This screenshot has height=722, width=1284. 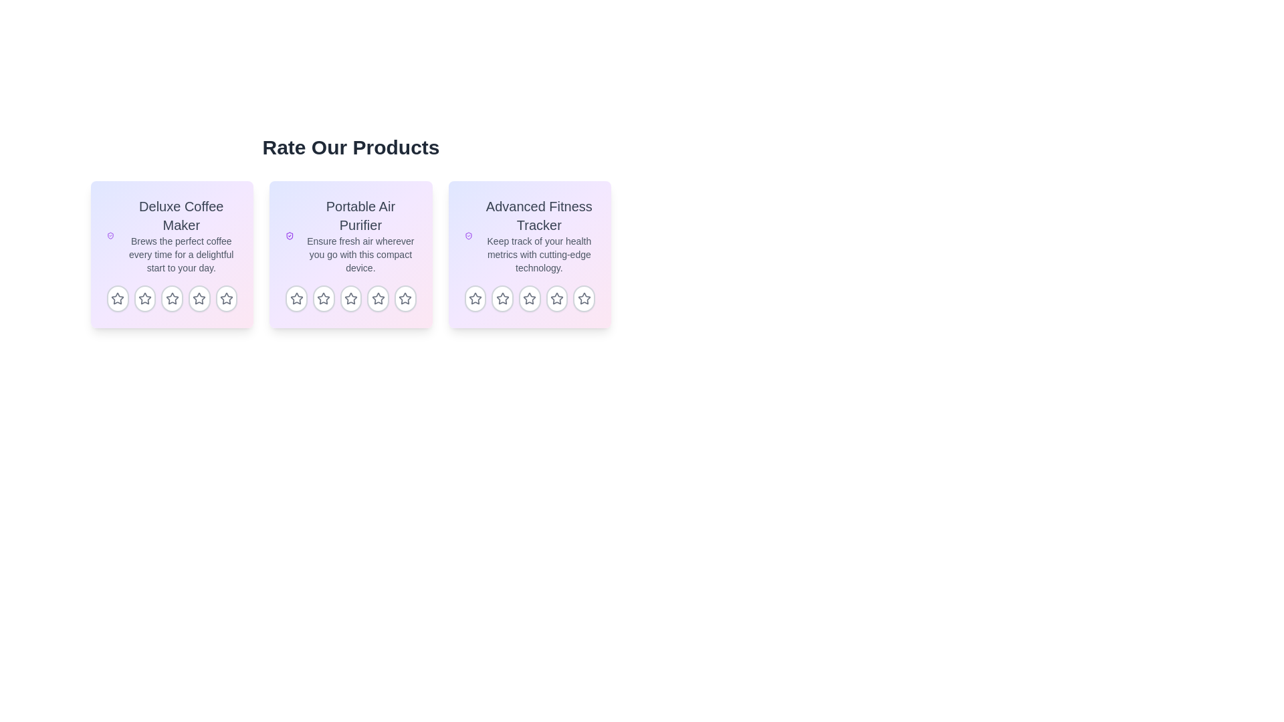 I want to click on the first rating star icon in the Advanced Fitness Tracker rating section, so click(x=475, y=298).